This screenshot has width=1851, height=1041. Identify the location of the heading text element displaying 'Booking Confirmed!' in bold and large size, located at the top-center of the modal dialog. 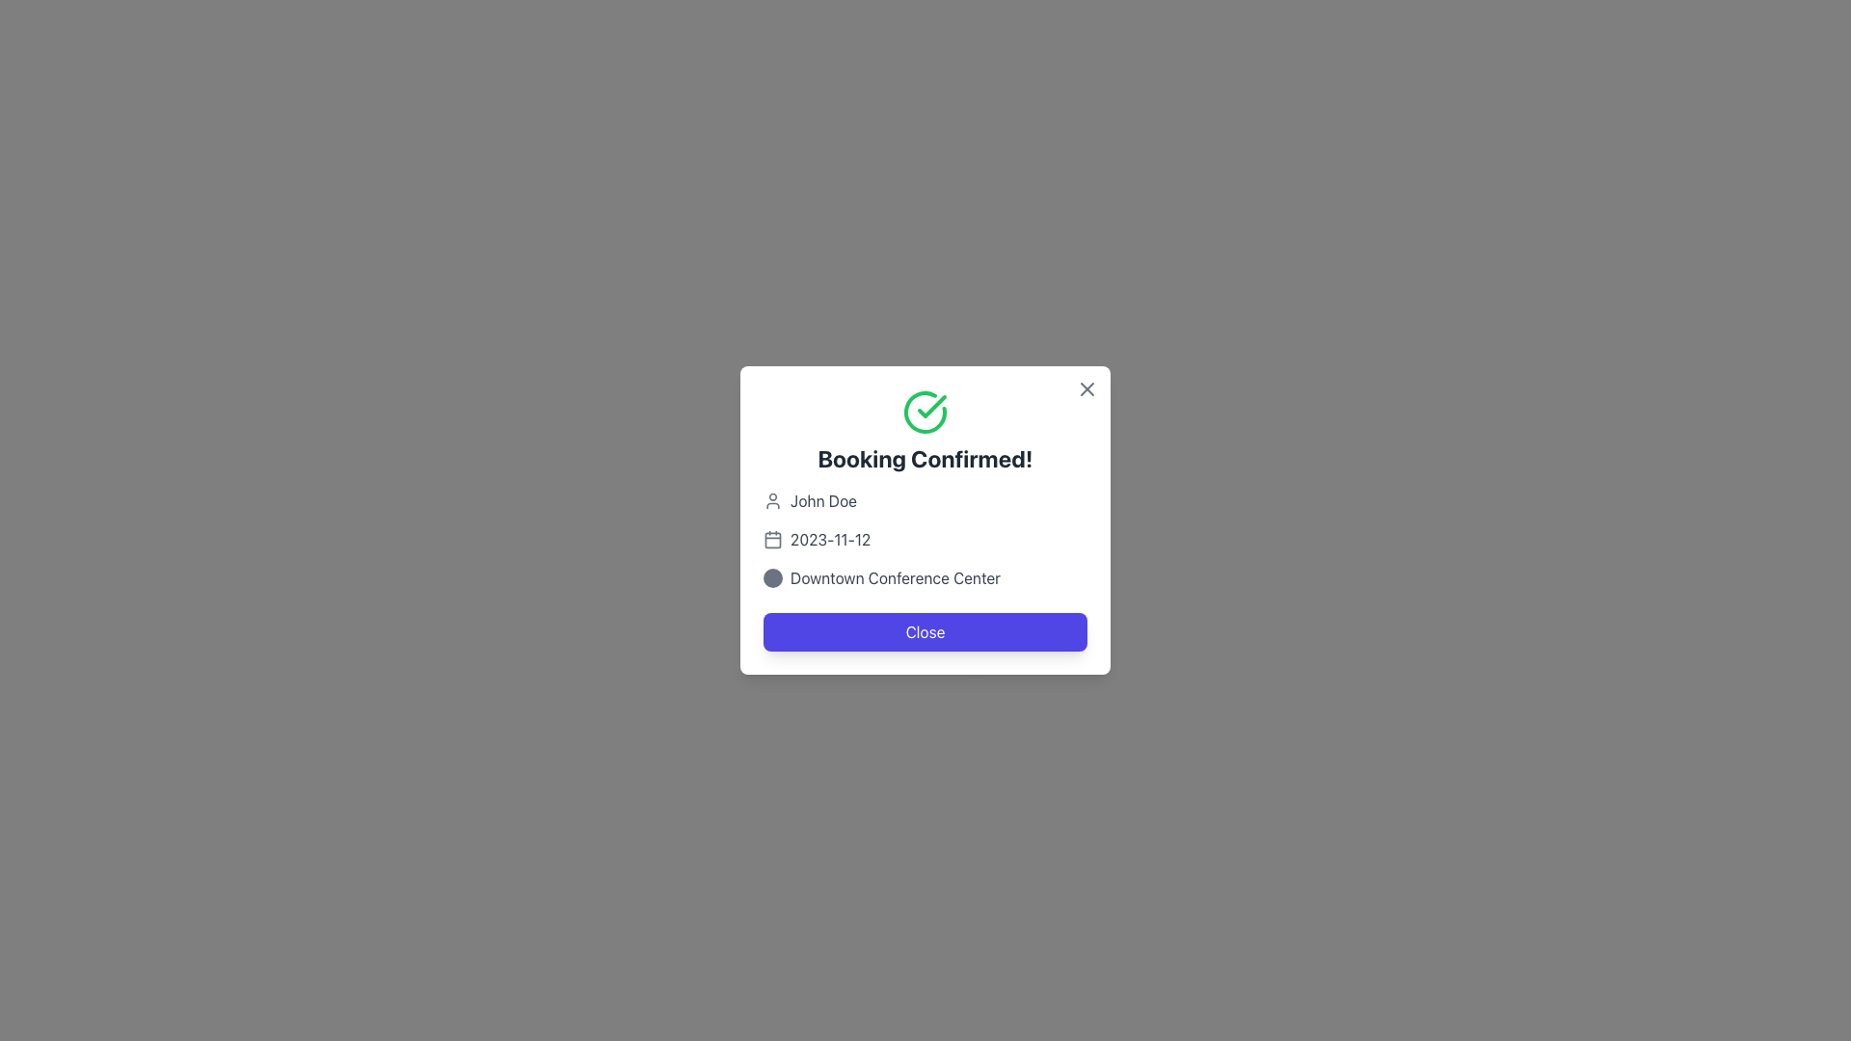
(925, 430).